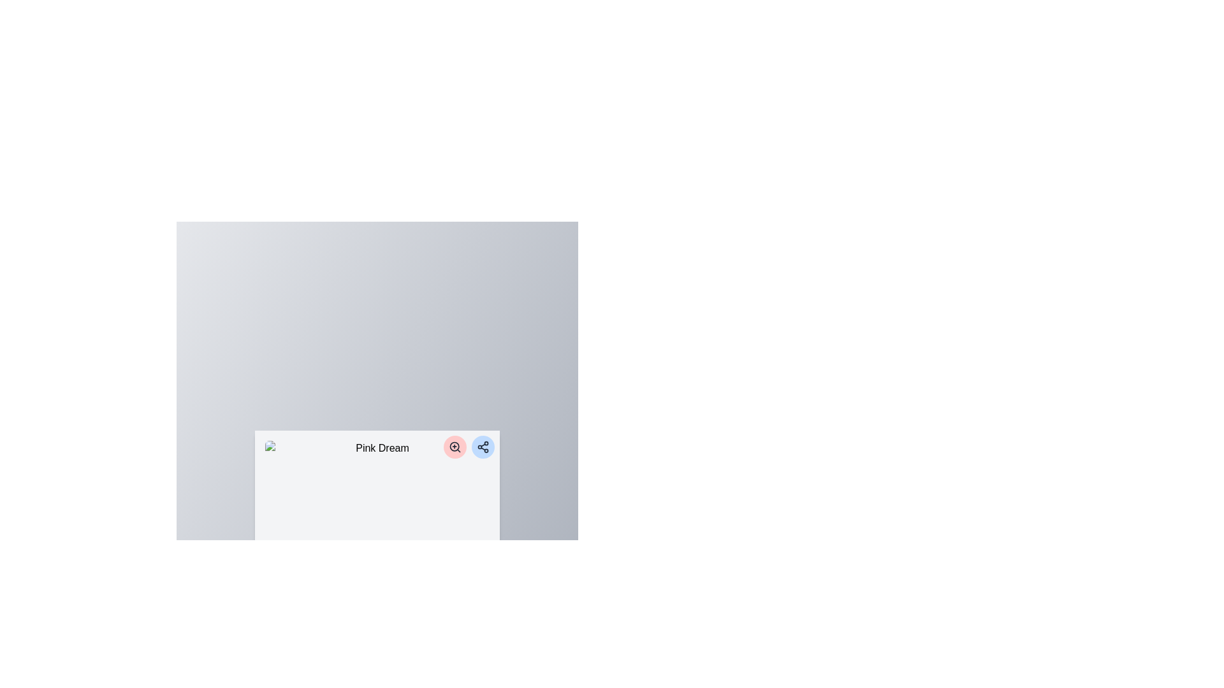  Describe the element at coordinates (455, 446) in the screenshot. I see `the circular outline of the magnifying glass icon, which is part of an SVG graphic for zoom-in action` at that location.